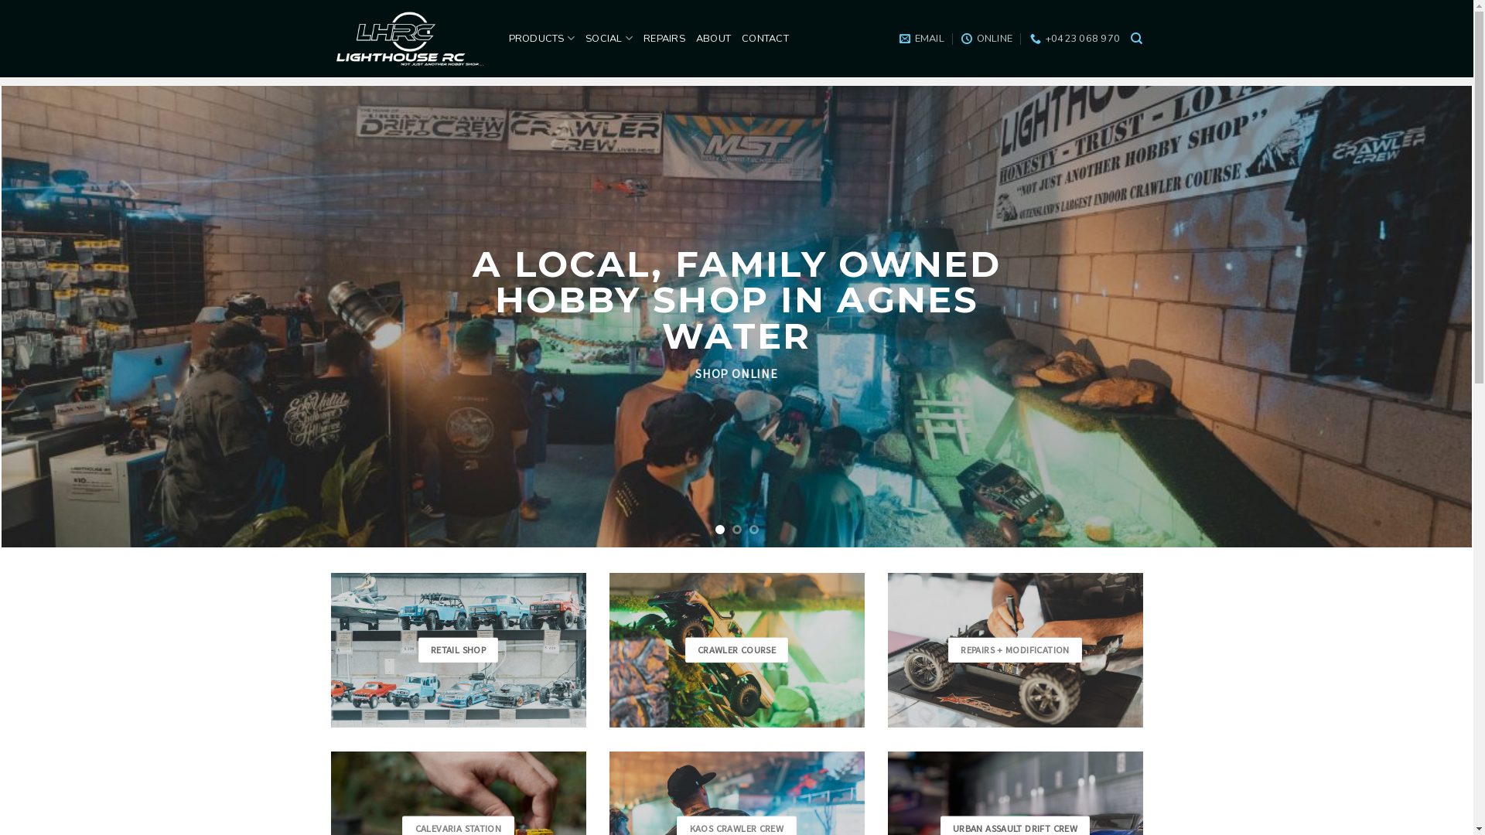 Image resolution: width=1485 pixels, height=835 pixels. Describe the element at coordinates (986, 38) in the screenshot. I see `'ONLINE'` at that location.